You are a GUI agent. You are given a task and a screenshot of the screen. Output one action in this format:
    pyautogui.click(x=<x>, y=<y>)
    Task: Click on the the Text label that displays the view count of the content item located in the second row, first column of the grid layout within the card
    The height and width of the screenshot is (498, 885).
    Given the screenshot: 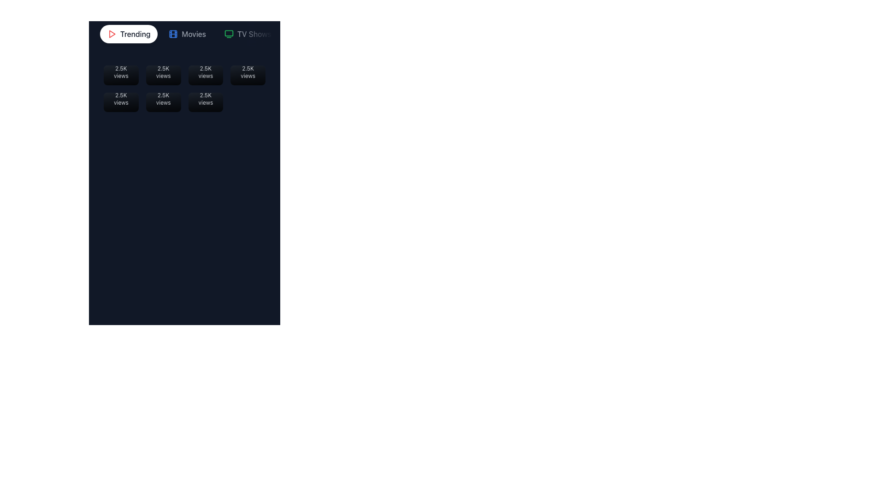 What is the action you would take?
    pyautogui.click(x=120, y=95)
    